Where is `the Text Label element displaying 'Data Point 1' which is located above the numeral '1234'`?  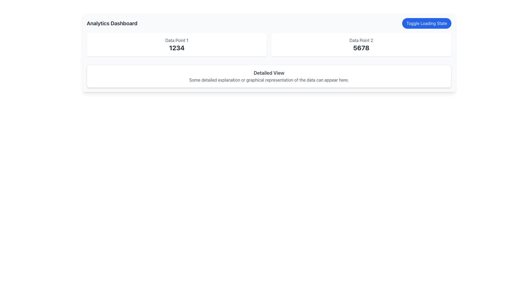 the Text Label element displaying 'Data Point 1' which is located above the numeral '1234' is located at coordinates (177, 40).